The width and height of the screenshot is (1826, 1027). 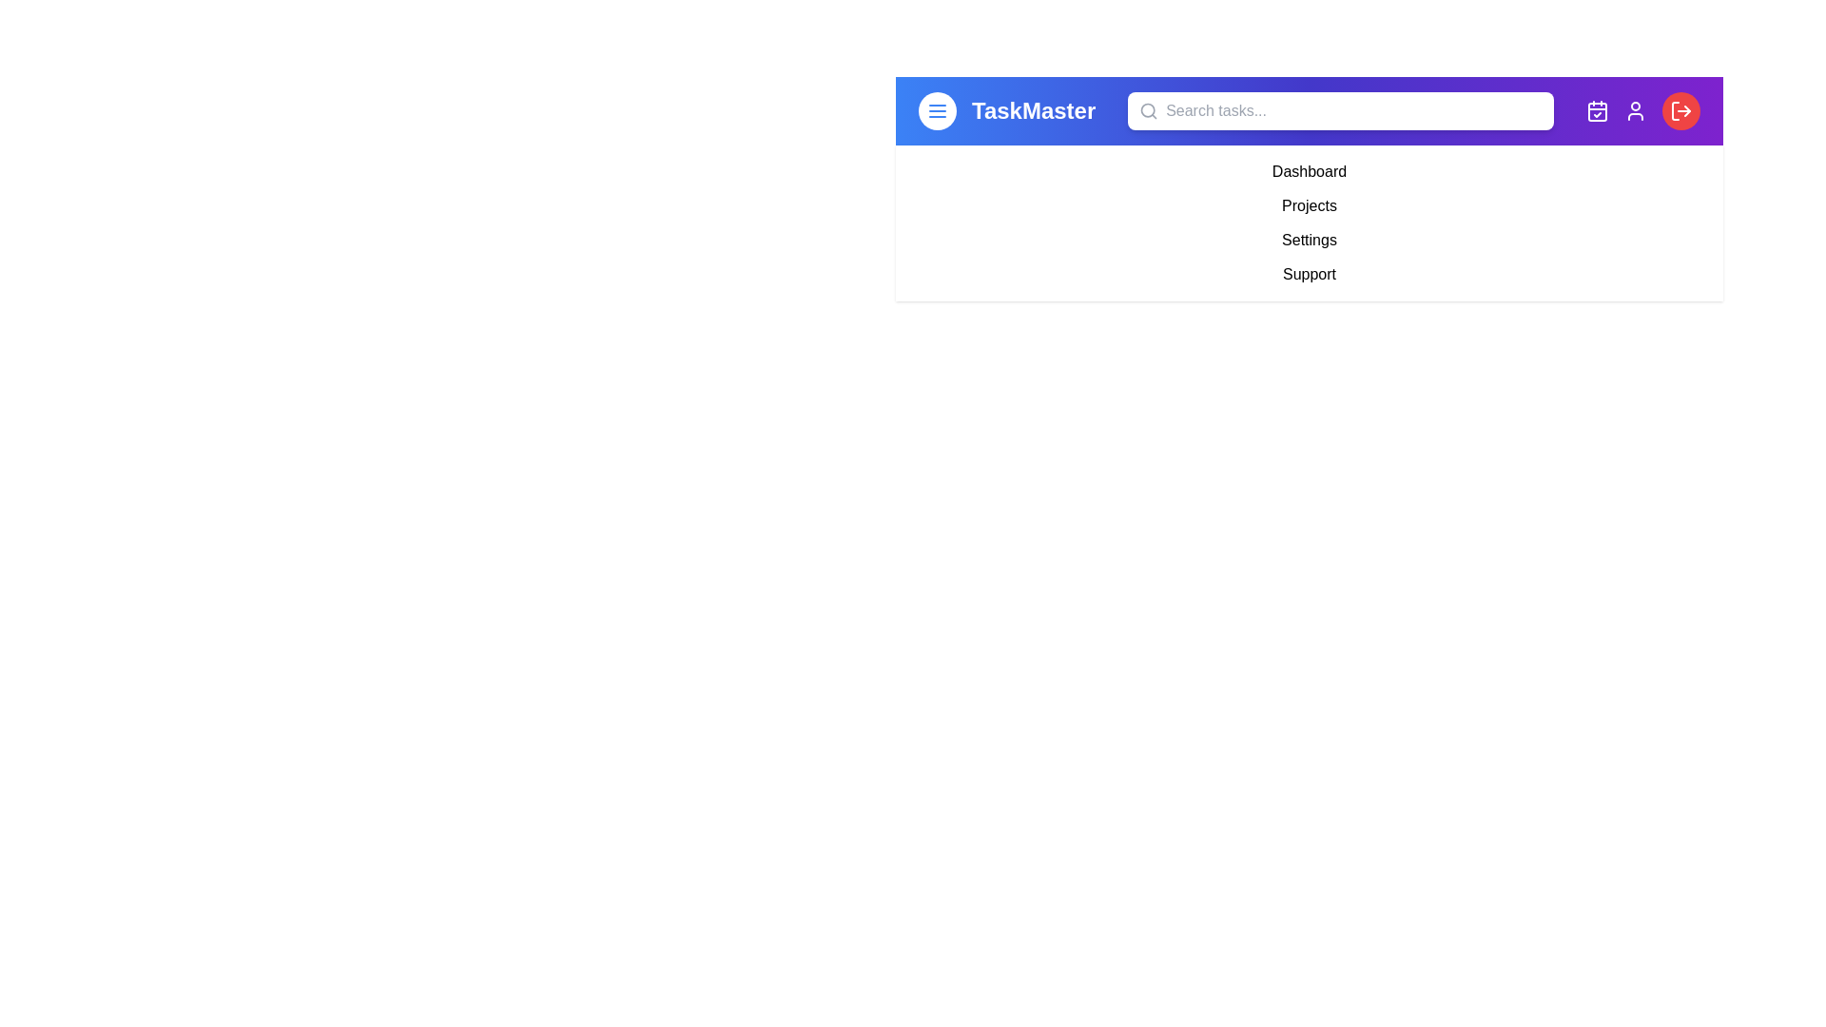 What do you see at coordinates (1634, 110) in the screenshot?
I see `the user profile icon to view the user profile` at bounding box center [1634, 110].